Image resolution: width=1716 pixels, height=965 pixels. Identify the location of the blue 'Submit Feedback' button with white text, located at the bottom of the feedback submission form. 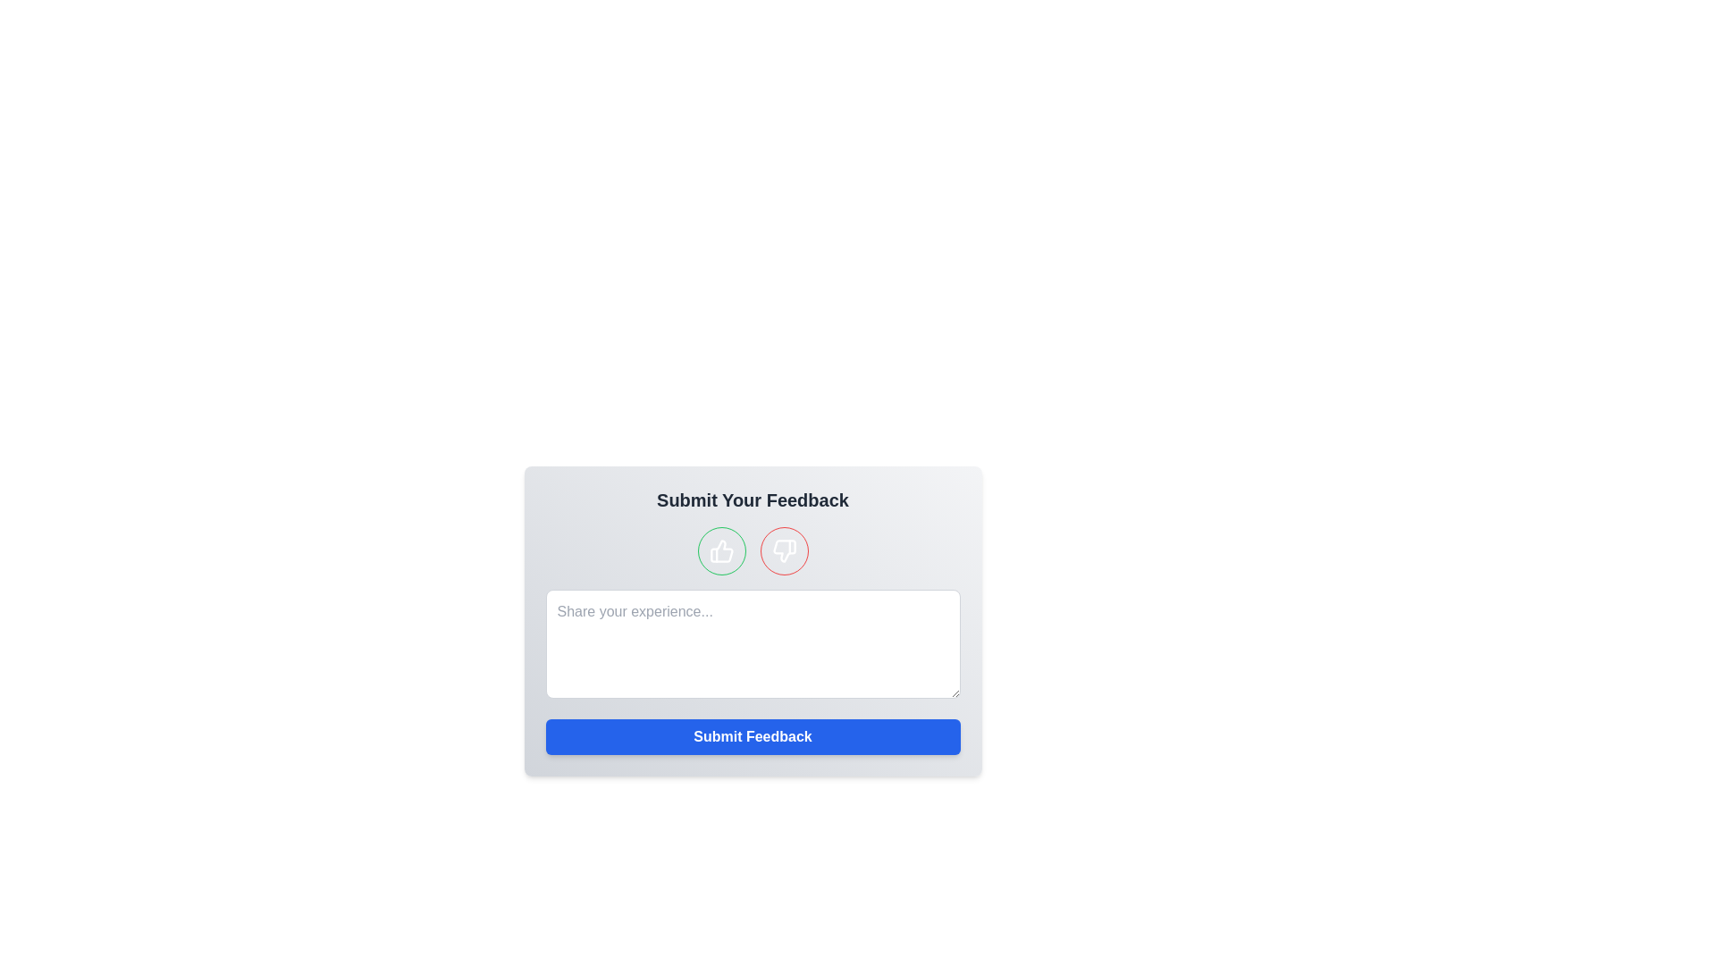
(753, 737).